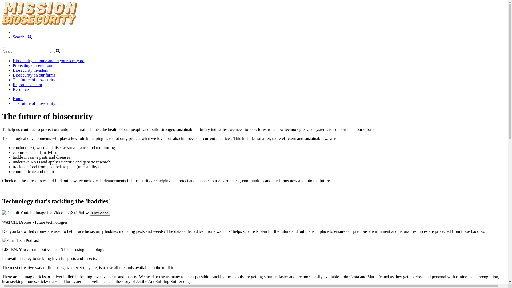 Image resolution: width=512 pixels, height=288 pixels. Describe the element at coordinates (36, 65) in the screenshot. I see `'Protecting our environment'` at that location.